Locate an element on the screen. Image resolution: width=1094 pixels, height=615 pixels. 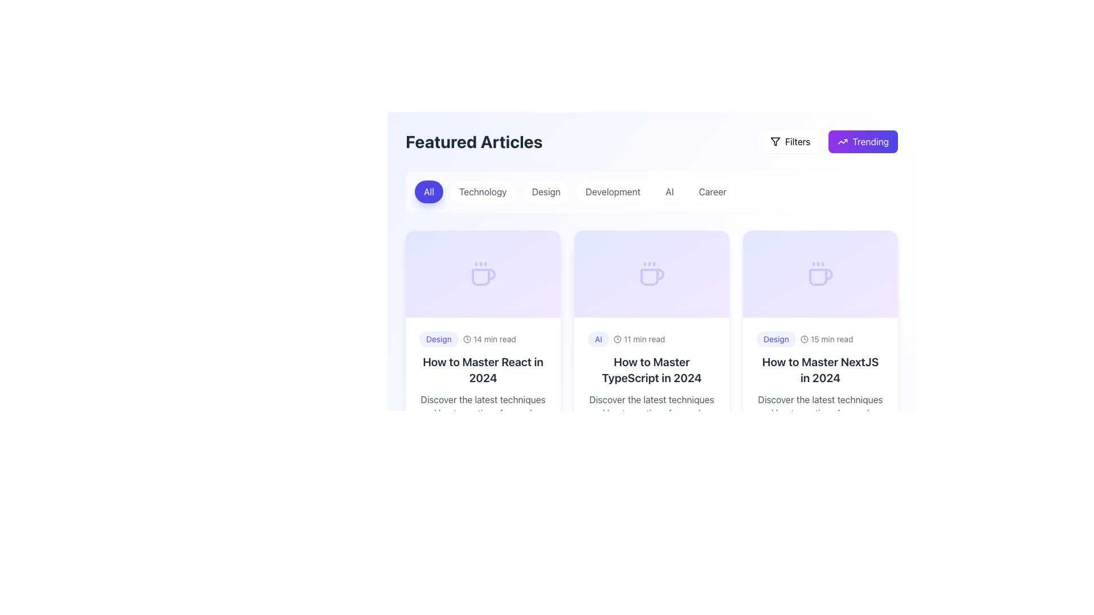
the text label that provides a brief summary of the article located in the bottom section of the third card in the horizontal list under the header 'How to Master NextJS in 2024' is located at coordinates (820, 405).